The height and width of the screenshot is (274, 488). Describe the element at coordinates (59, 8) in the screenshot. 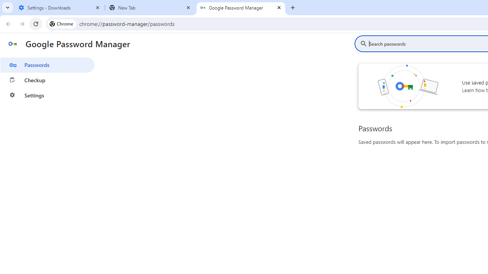

I see `'Settings - Downloads'` at that location.